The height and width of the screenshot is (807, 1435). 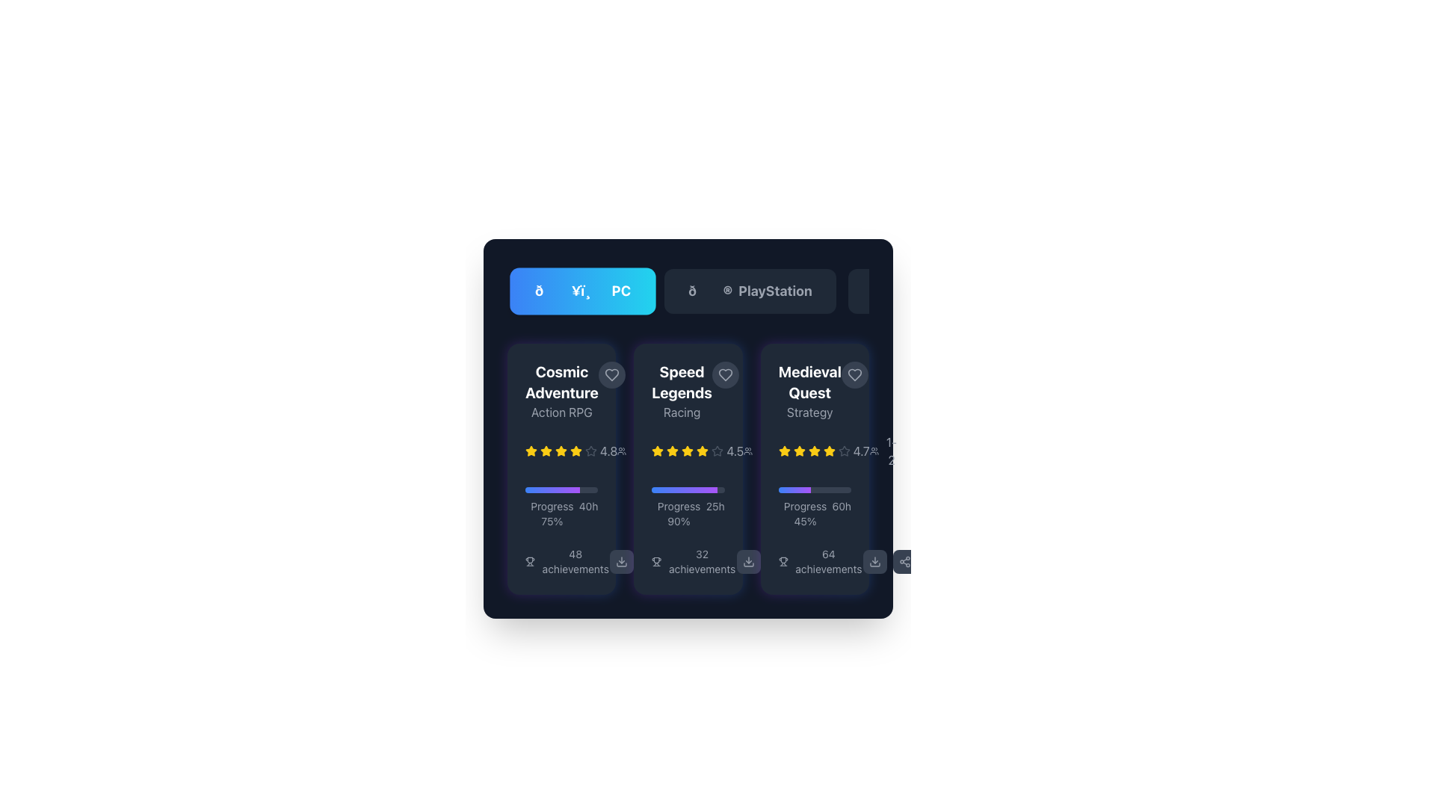 What do you see at coordinates (813, 451) in the screenshot?
I see `the fifth filled rating star icon in the rating section of the 'Medieval Quest' game card` at bounding box center [813, 451].